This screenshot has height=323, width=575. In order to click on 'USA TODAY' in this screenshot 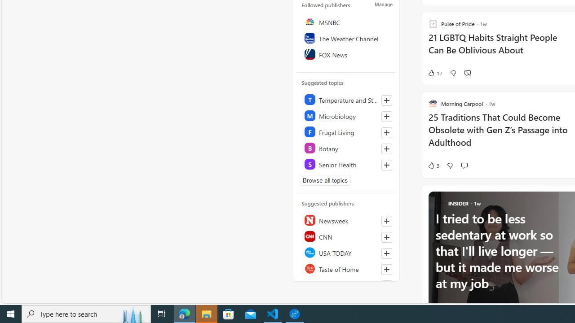, I will do `click(346, 253)`.